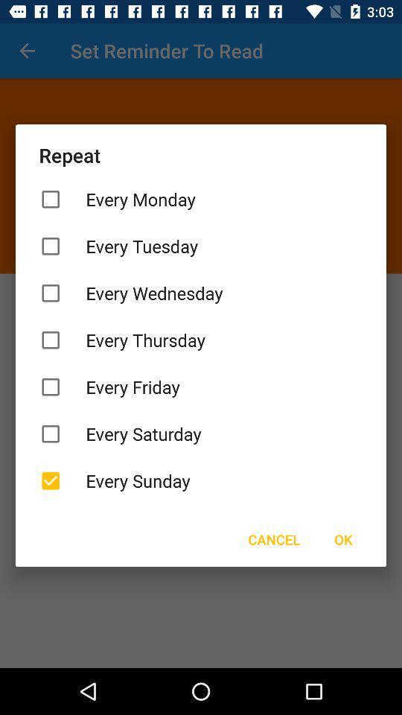 Image resolution: width=402 pixels, height=715 pixels. What do you see at coordinates (201, 386) in the screenshot?
I see `icon below every thursday item` at bounding box center [201, 386].